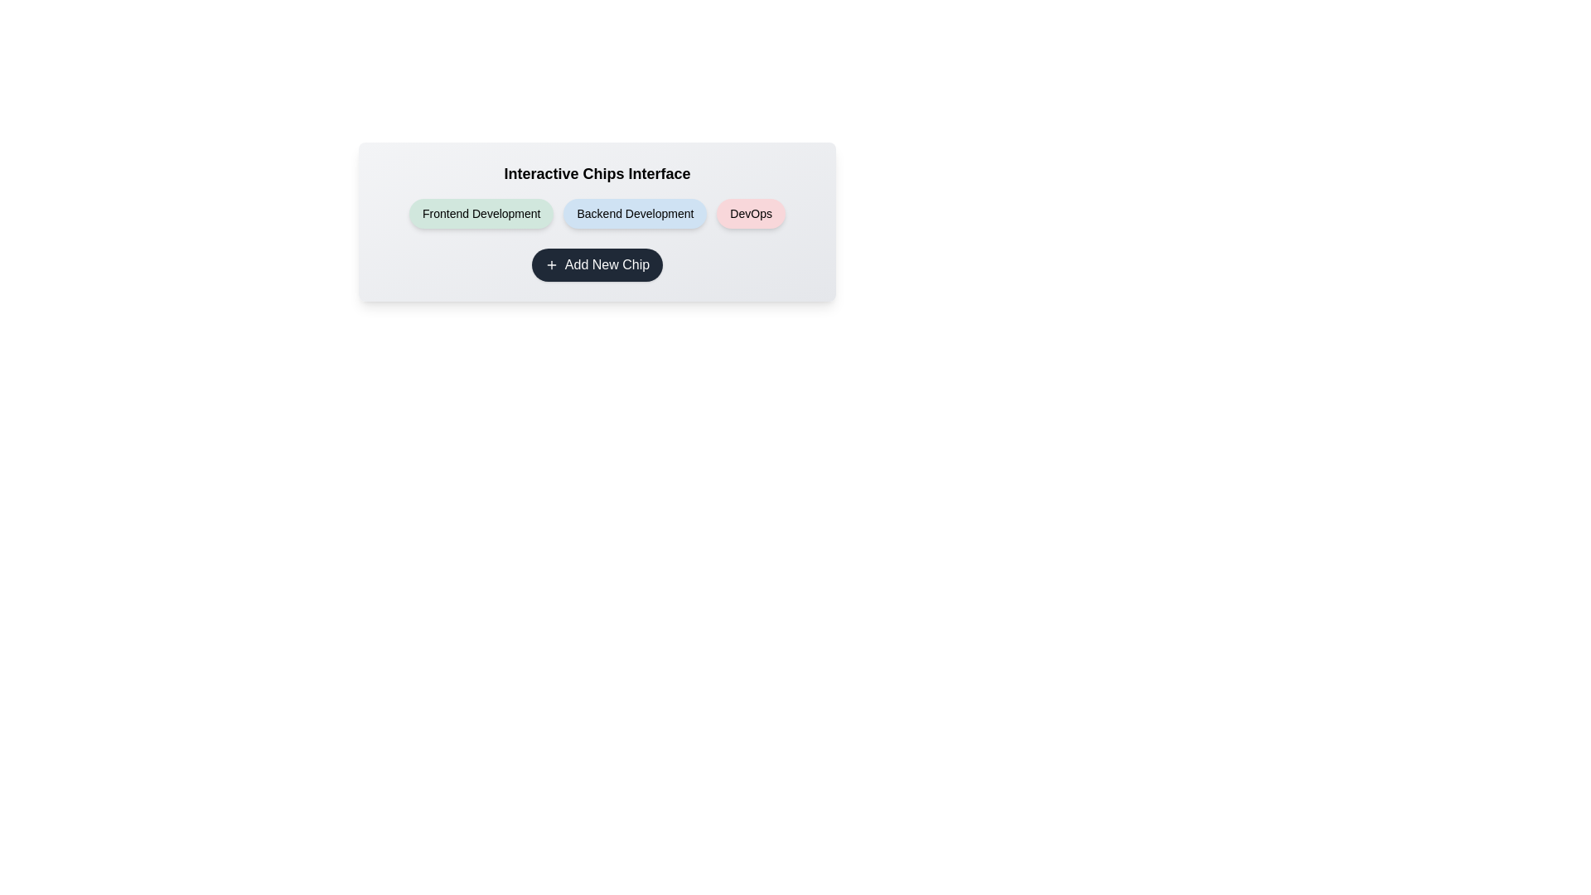 The width and height of the screenshot is (1591, 895). What do you see at coordinates (634, 213) in the screenshot?
I see `the 'Backend Development' chip` at bounding box center [634, 213].